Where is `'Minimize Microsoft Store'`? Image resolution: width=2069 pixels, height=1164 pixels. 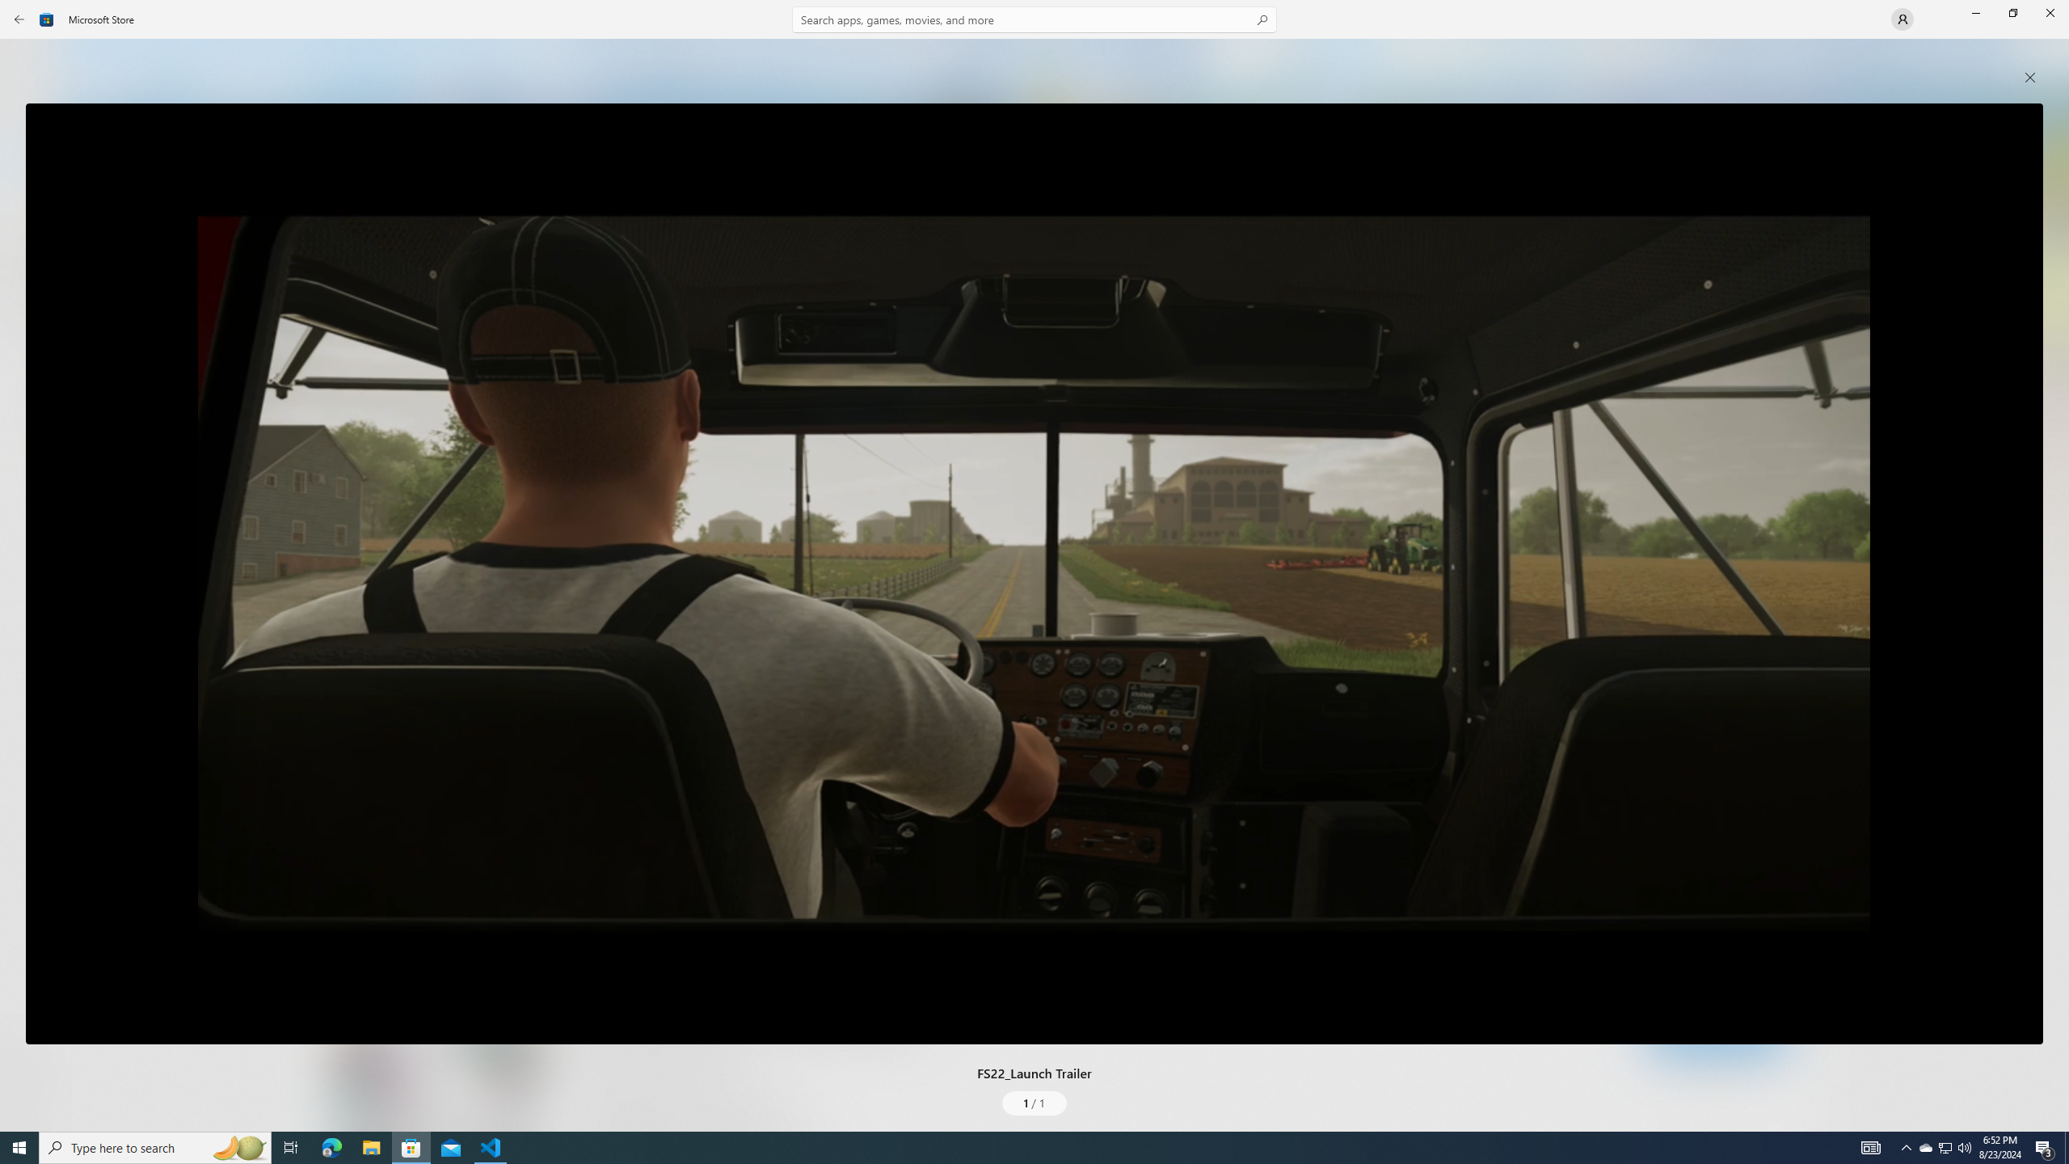
'Minimize Microsoft Store' is located at coordinates (1974, 12).